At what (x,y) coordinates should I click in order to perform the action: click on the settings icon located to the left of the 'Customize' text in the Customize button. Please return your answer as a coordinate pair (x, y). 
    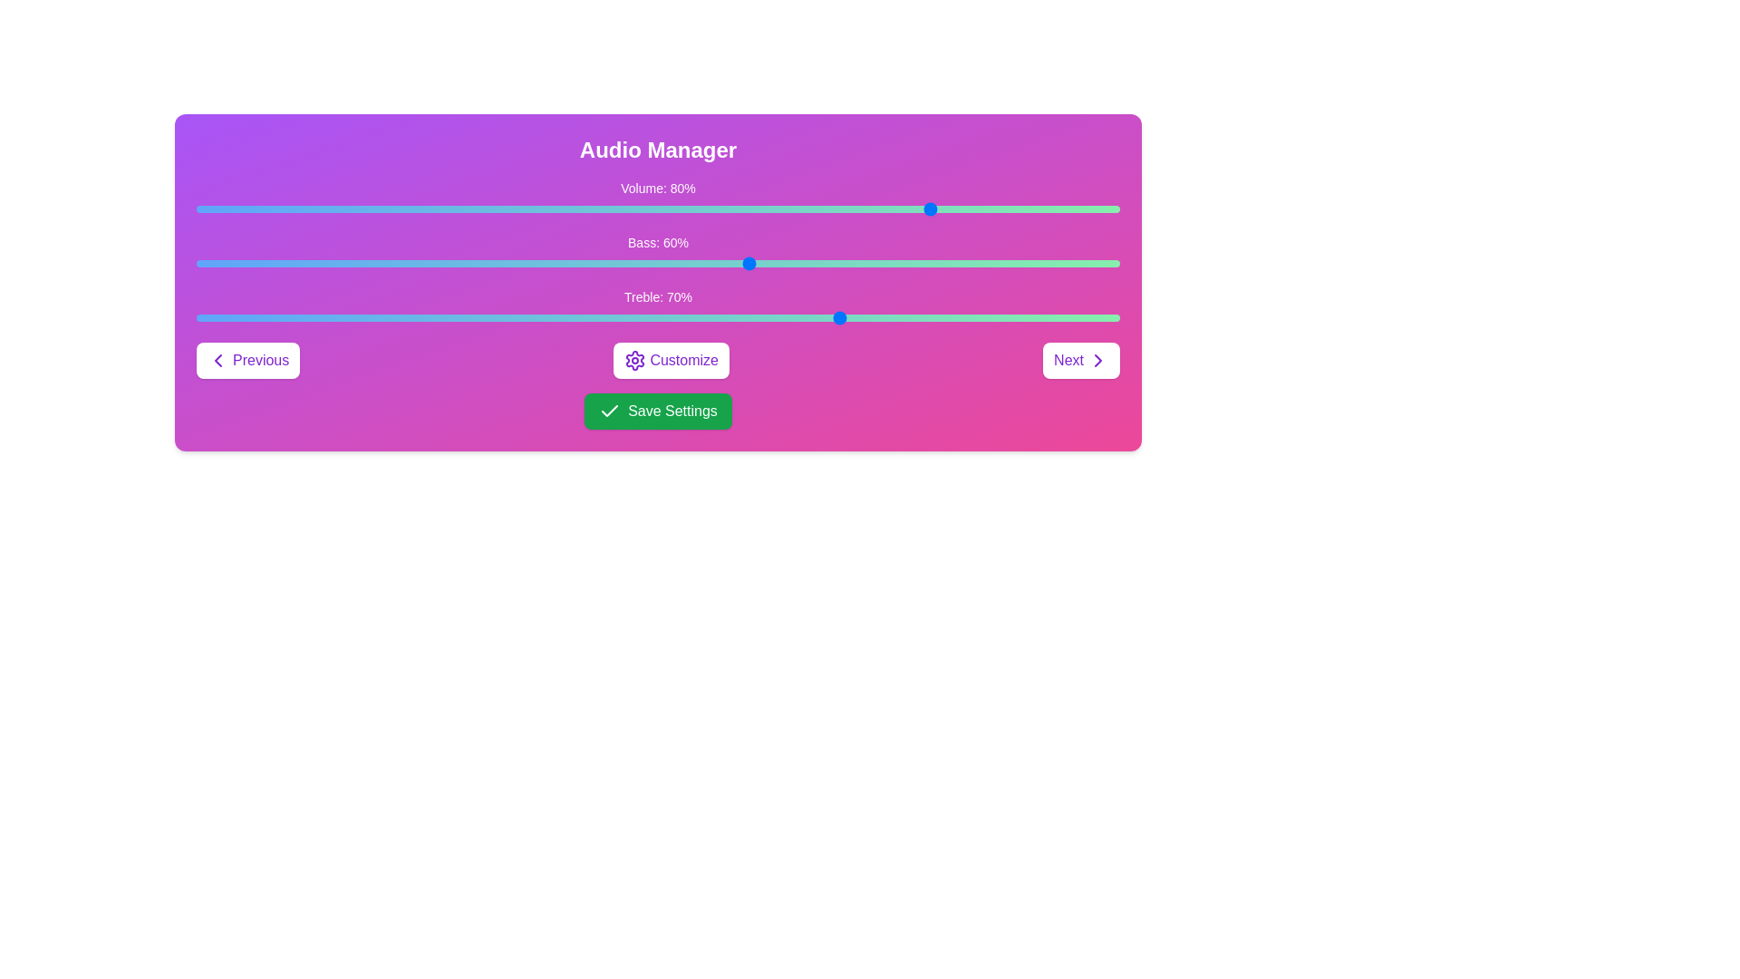
    Looking at the image, I should click on (635, 360).